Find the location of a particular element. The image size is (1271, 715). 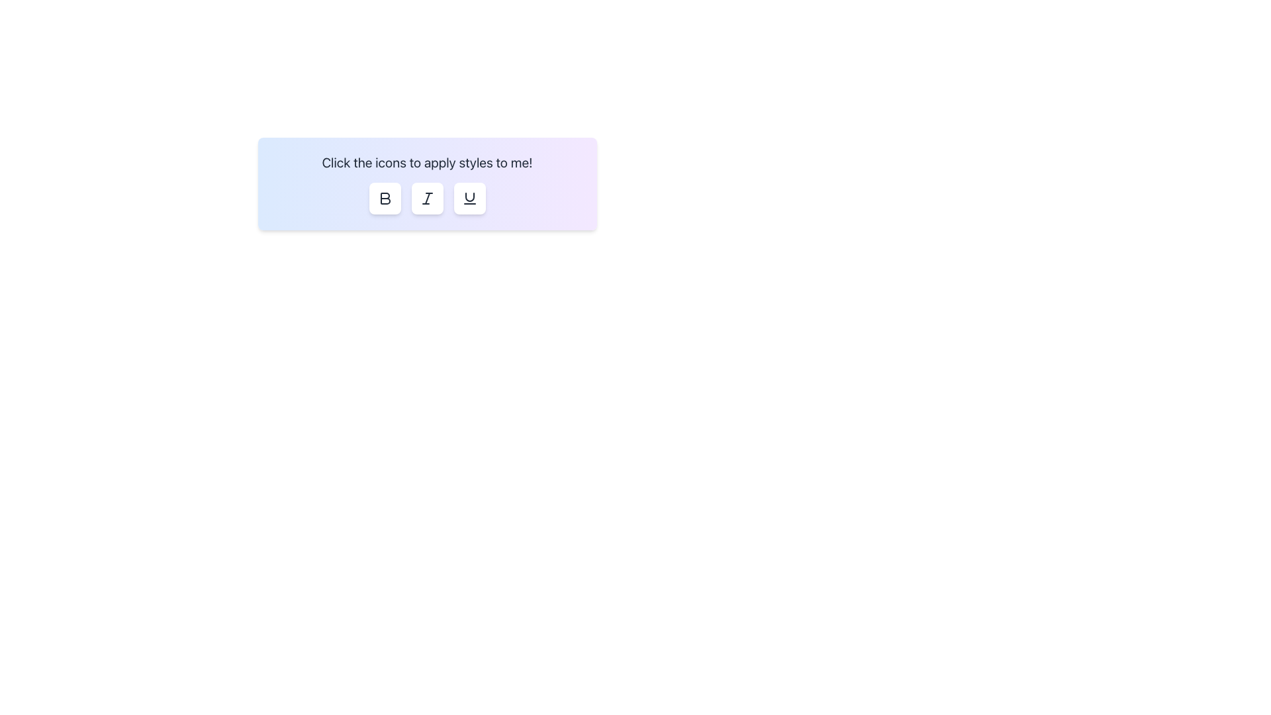

the rightmost button with a white background and an underline symbol to apply the underline style is located at coordinates (469, 199).